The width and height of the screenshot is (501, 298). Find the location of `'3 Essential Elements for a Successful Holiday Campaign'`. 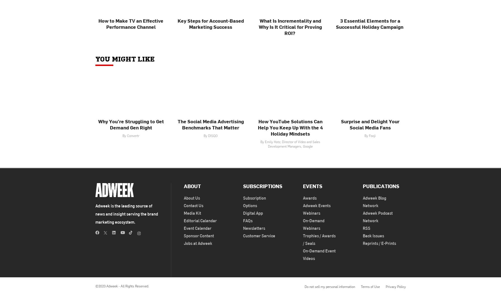

'3 Essential Elements for a Successful Holiday Campaign' is located at coordinates (370, 23).